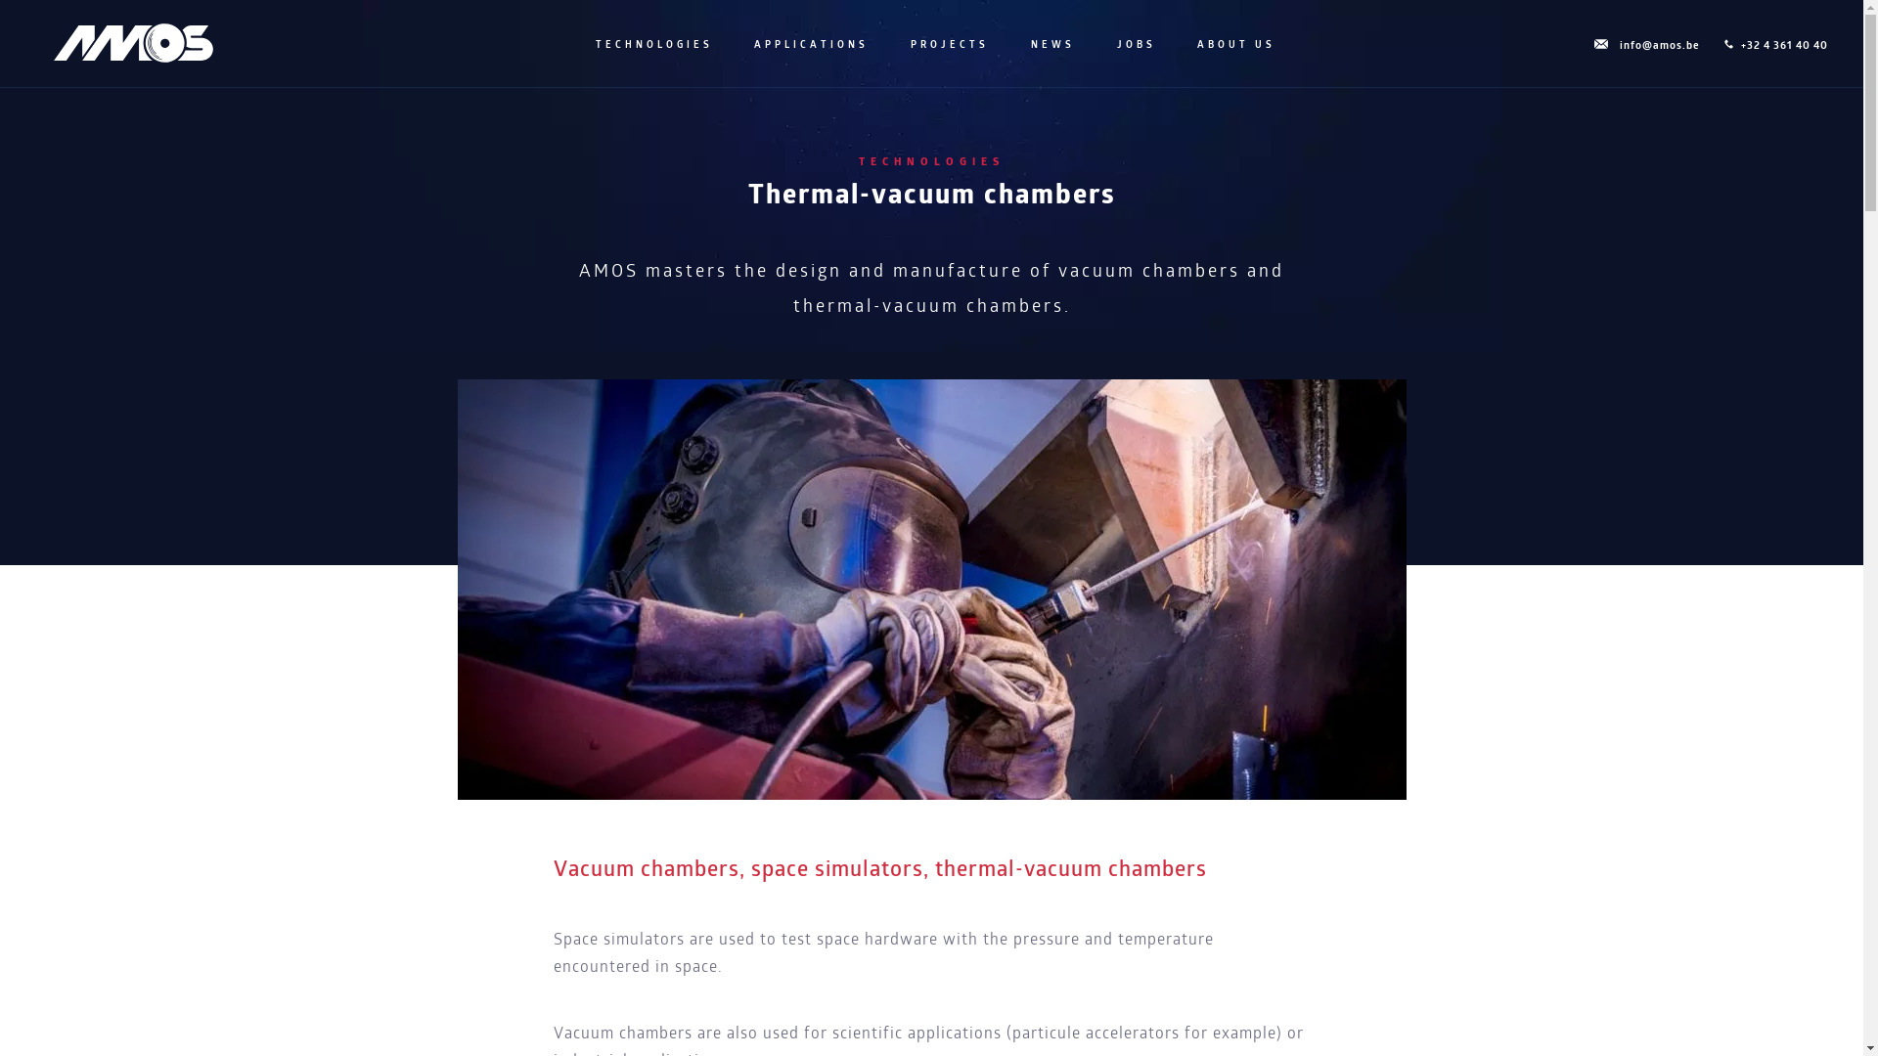 Image resolution: width=1878 pixels, height=1056 pixels. What do you see at coordinates (809, 44) in the screenshot?
I see `'APPLICATIONS'` at bounding box center [809, 44].